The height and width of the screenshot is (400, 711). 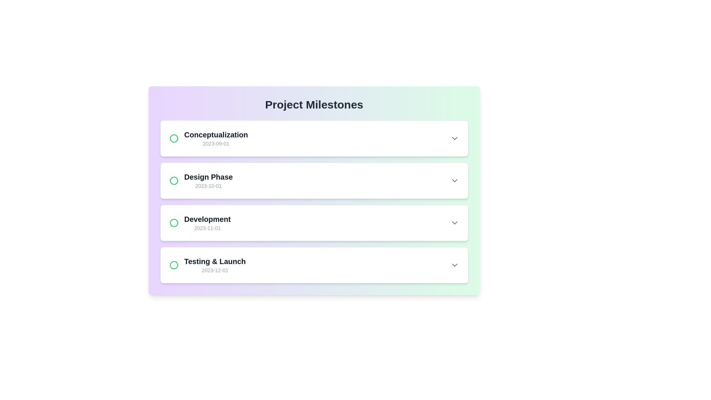 I want to click on the date '2023-11-01' of the project milestone 'Development', so click(x=200, y=222).